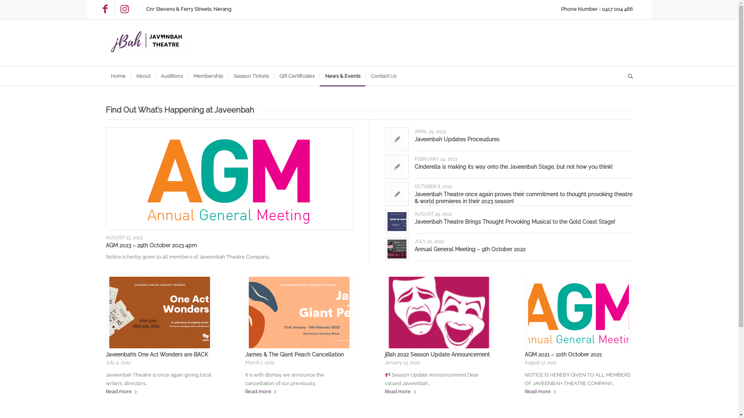  I want to click on 'Auditions', so click(170, 76).